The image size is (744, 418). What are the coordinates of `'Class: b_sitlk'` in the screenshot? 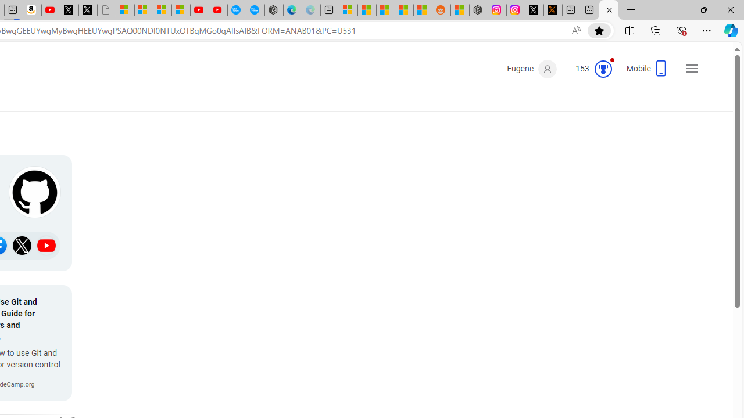 It's located at (46, 245).